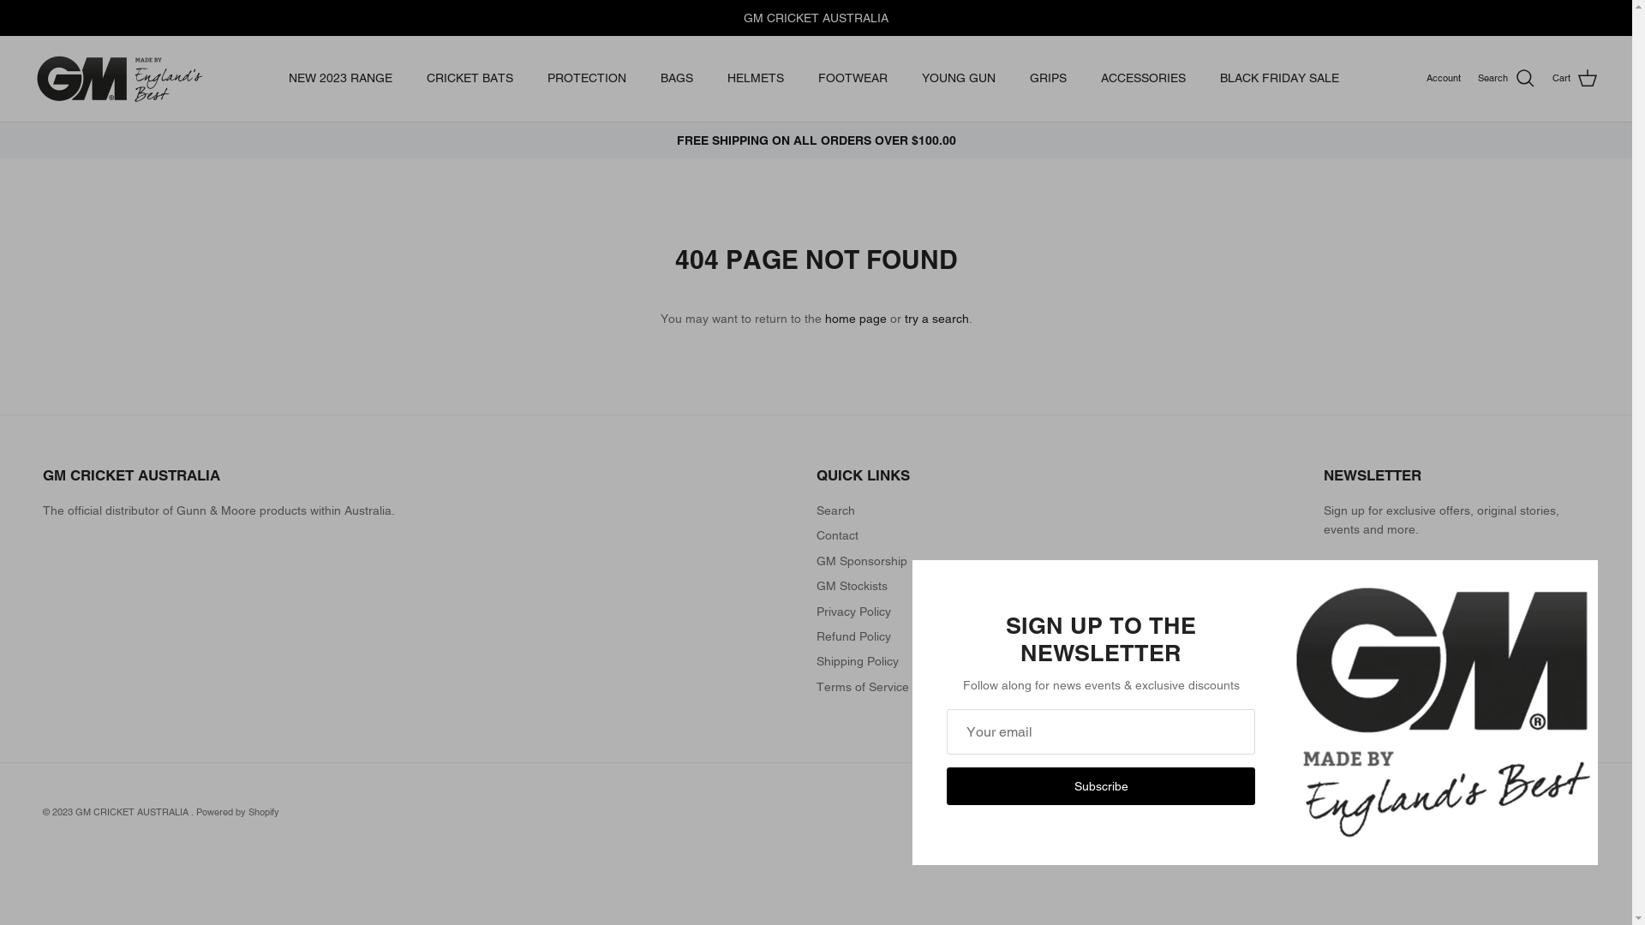 Image resolution: width=1645 pixels, height=925 pixels. Describe the element at coordinates (676, 78) in the screenshot. I see `'BAGS'` at that location.